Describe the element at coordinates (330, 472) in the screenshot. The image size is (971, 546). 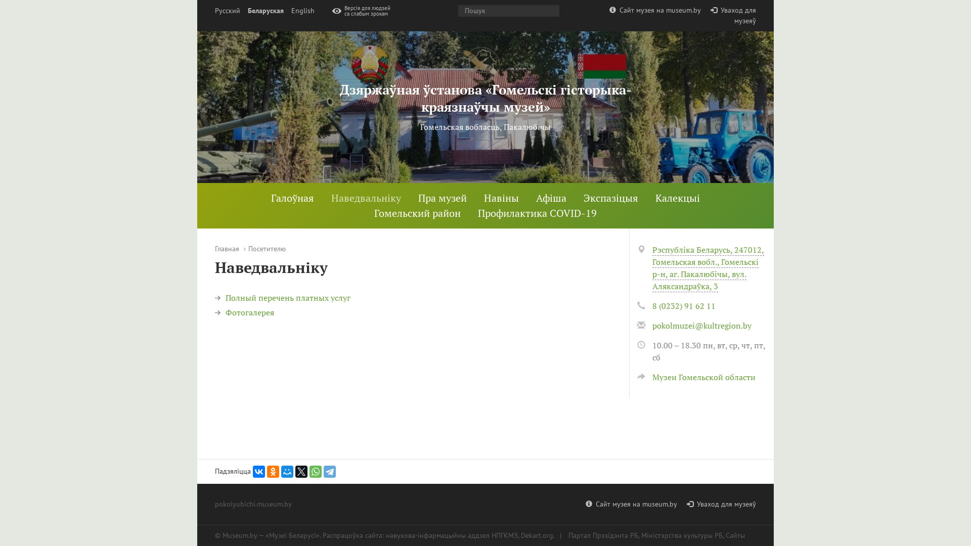
I see `'Telegram'` at that location.